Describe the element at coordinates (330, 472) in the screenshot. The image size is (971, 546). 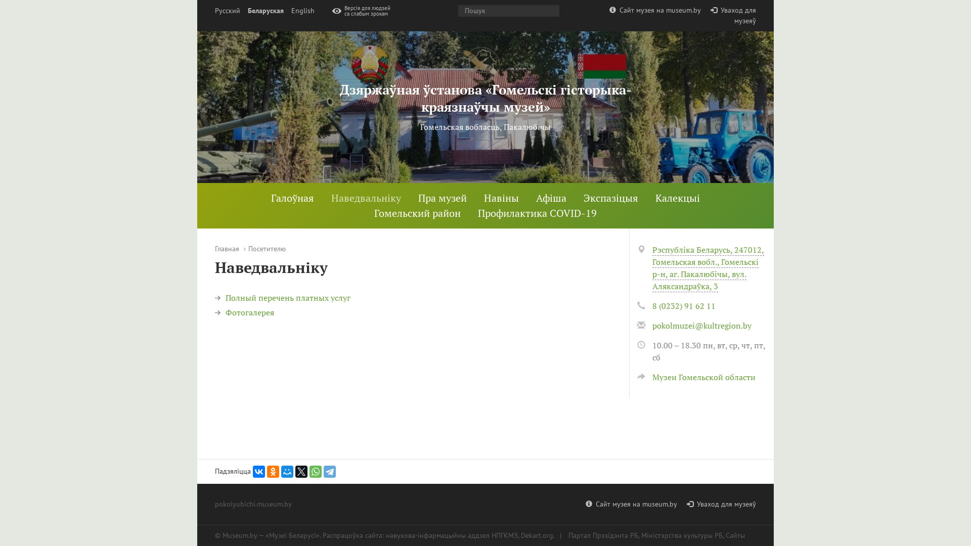
I see `'Telegram'` at that location.